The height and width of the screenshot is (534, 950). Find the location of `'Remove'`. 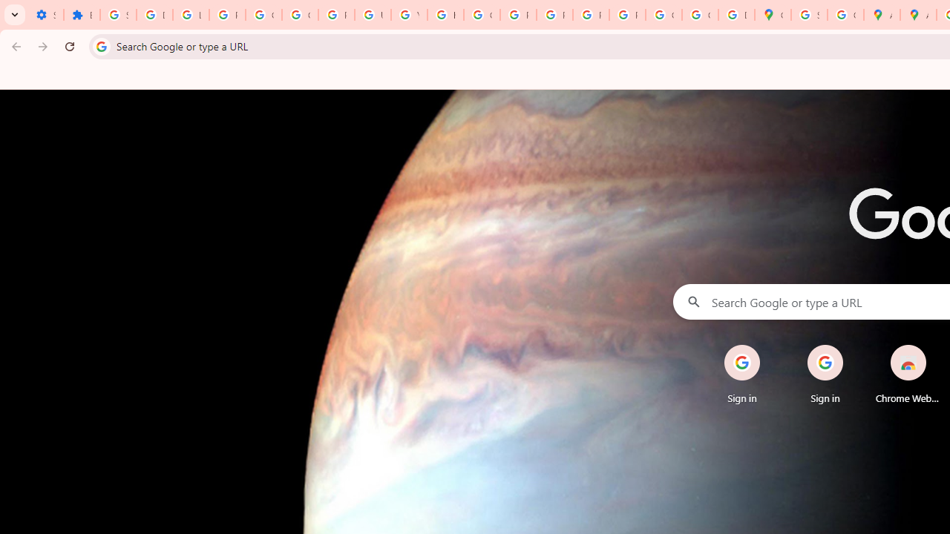

'Remove' is located at coordinates (937, 346).